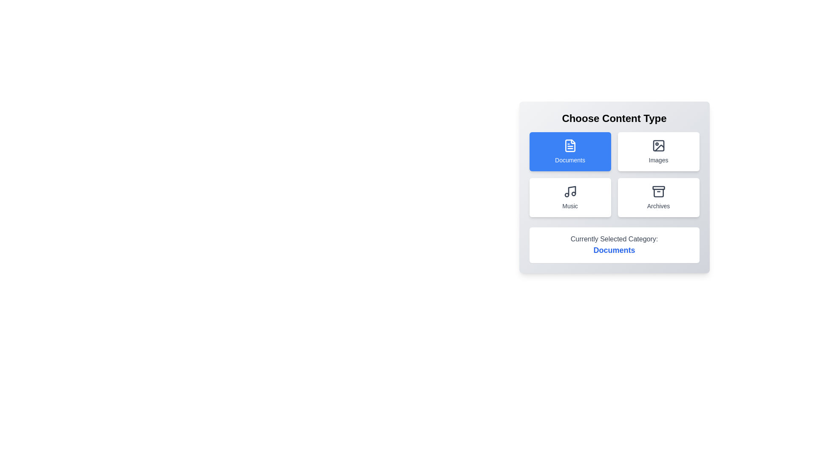  What do you see at coordinates (570, 198) in the screenshot?
I see `the category Music by clicking on its button` at bounding box center [570, 198].